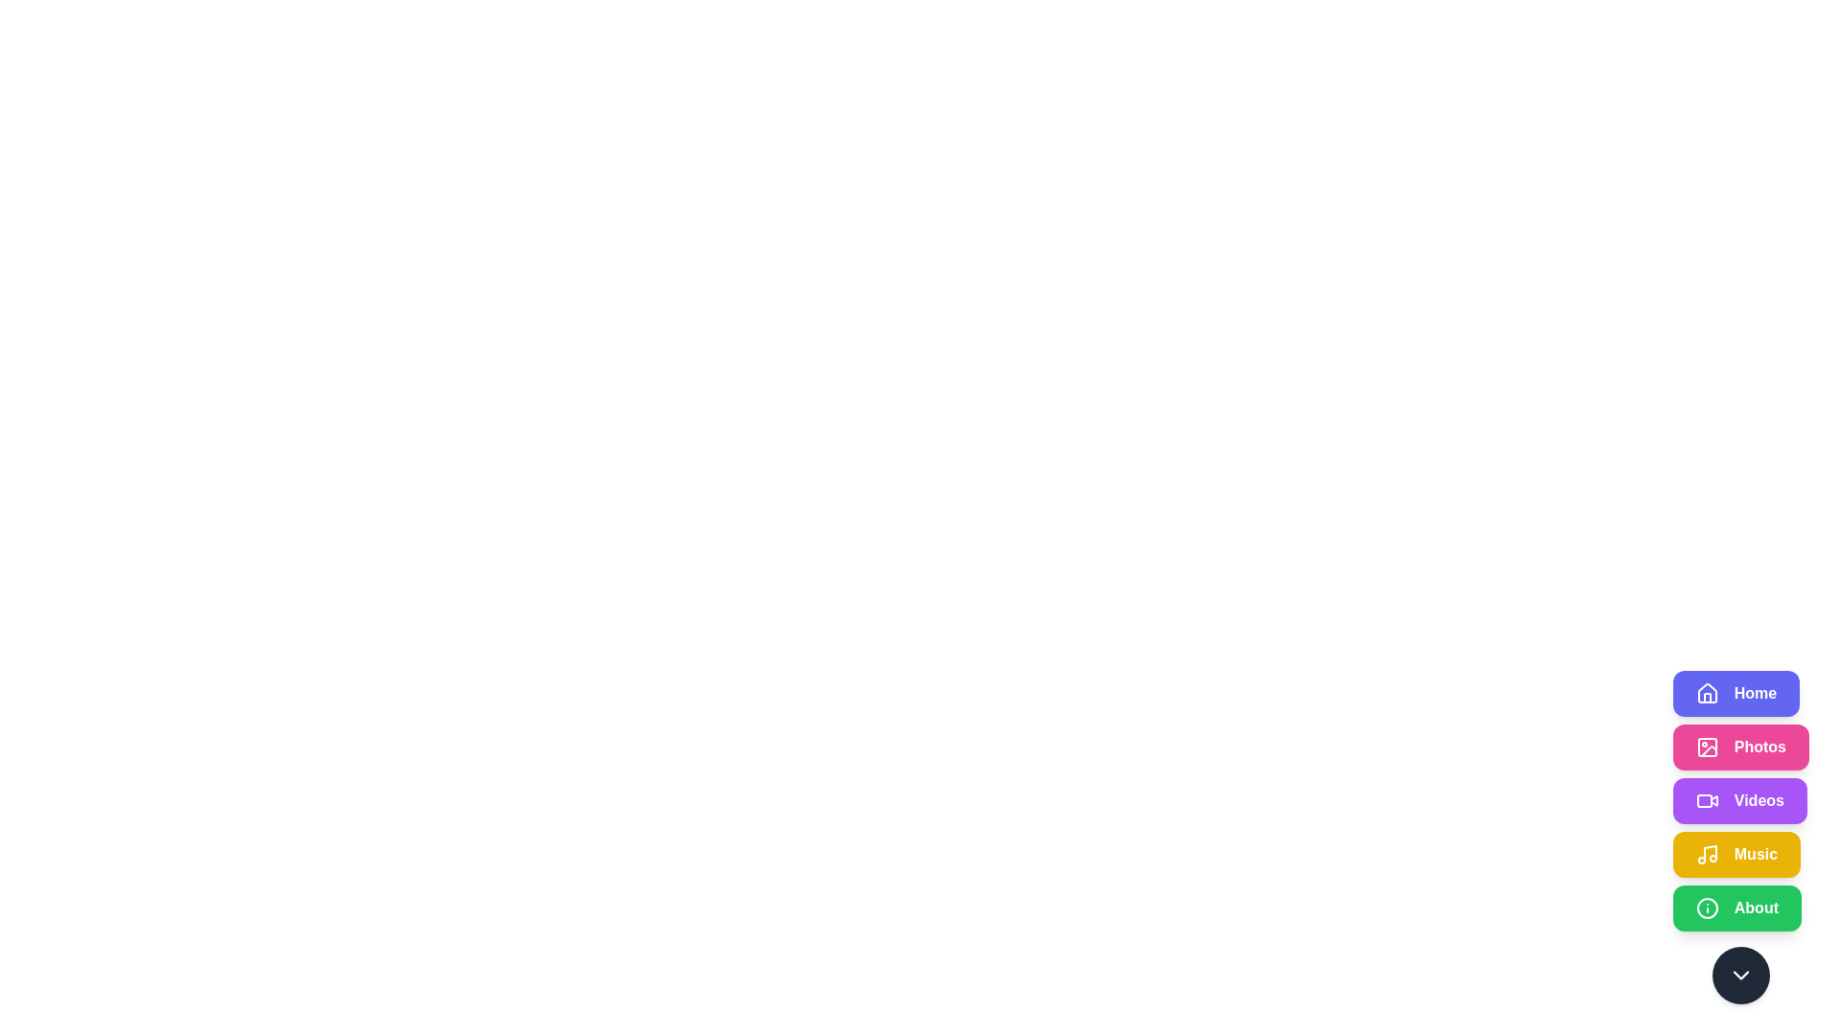 This screenshot has width=1840, height=1035. Describe the element at coordinates (1739, 976) in the screenshot. I see `toggle button at the bottom-right corner to expand or collapse the navigation menu` at that location.